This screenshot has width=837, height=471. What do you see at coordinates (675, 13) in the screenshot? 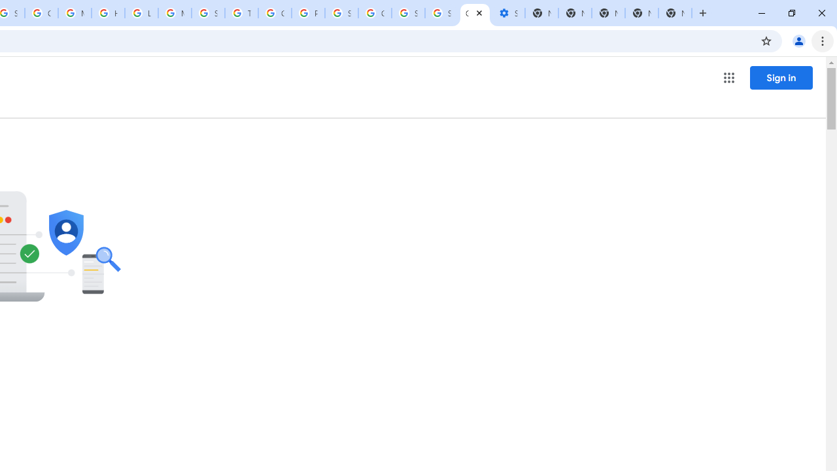
I see `'New Tab'` at bounding box center [675, 13].